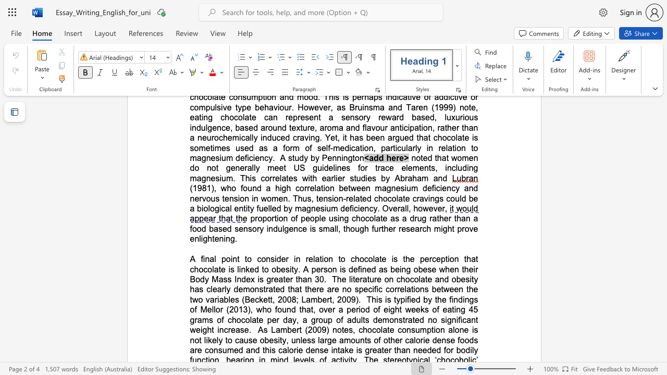  What do you see at coordinates (431, 289) in the screenshot?
I see `the subset text "between the two variables (Beckett, 200" within the text "that there are no specific correlations between the two variables (Beckett, 2008; Lambert, 2009)"` at bounding box center [431, 289].